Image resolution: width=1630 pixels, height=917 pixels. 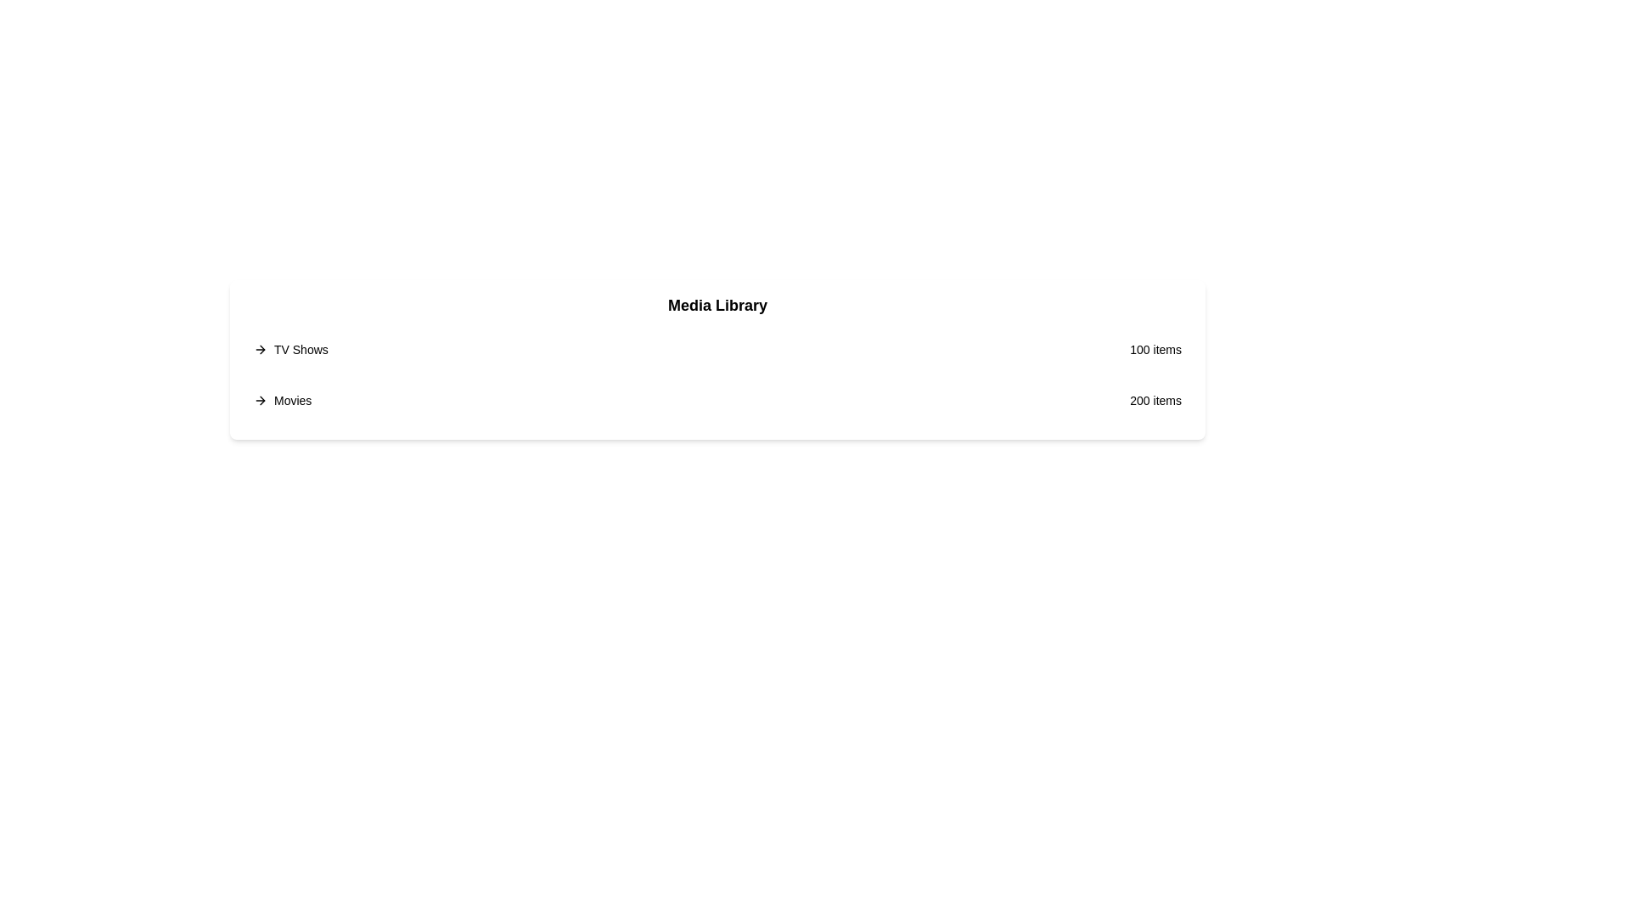 What do you see at coordinates (1155, 400) in the screenshot?
I see `the text label indicating the quantity of items, specifically showing '200 items', located in the bottom right corner of the 'Movies' section` at bounding box center [1155, 400].